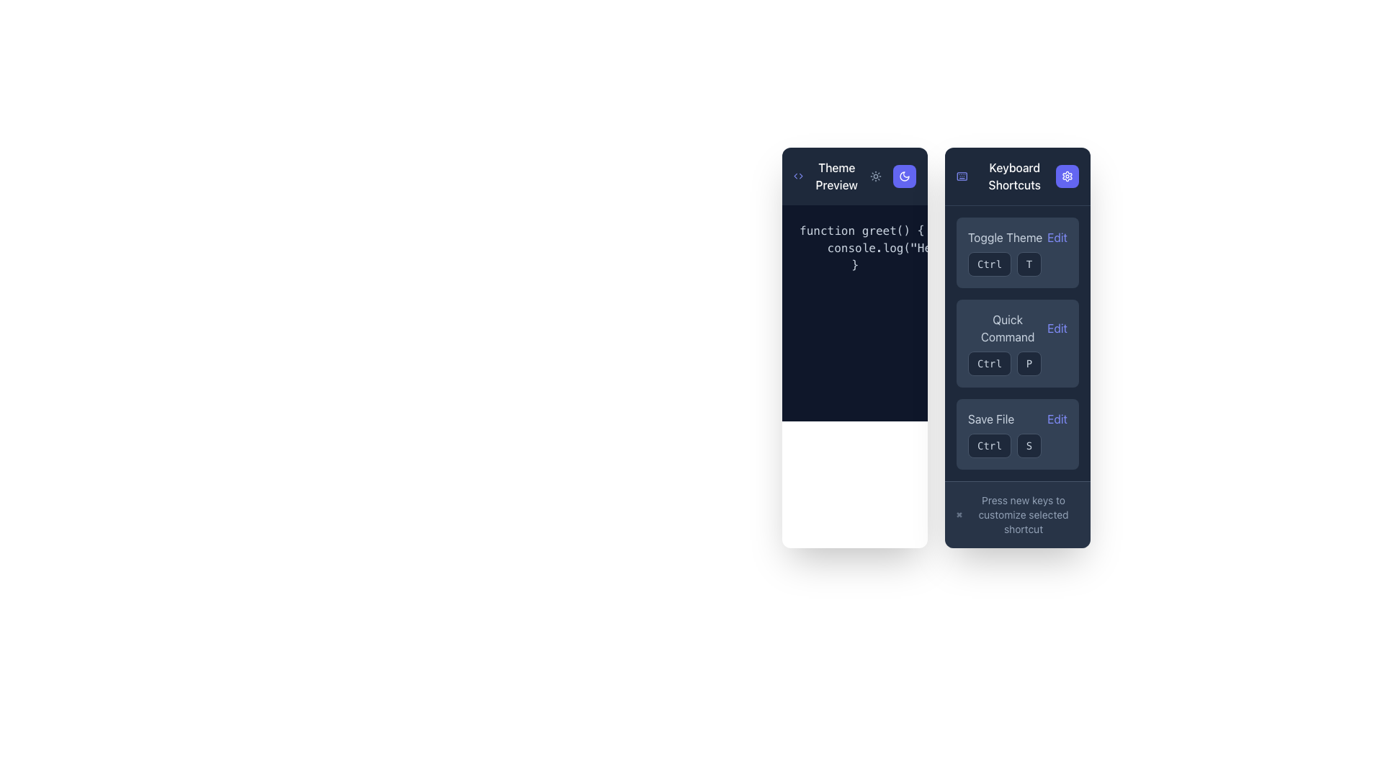 This screenshot has height=778, width=1383. What do you see at coordinates (1057, 419) in the screenshot?
I see `the interactive text label displaying 'Edit'` at bounding box center [1057, 419].